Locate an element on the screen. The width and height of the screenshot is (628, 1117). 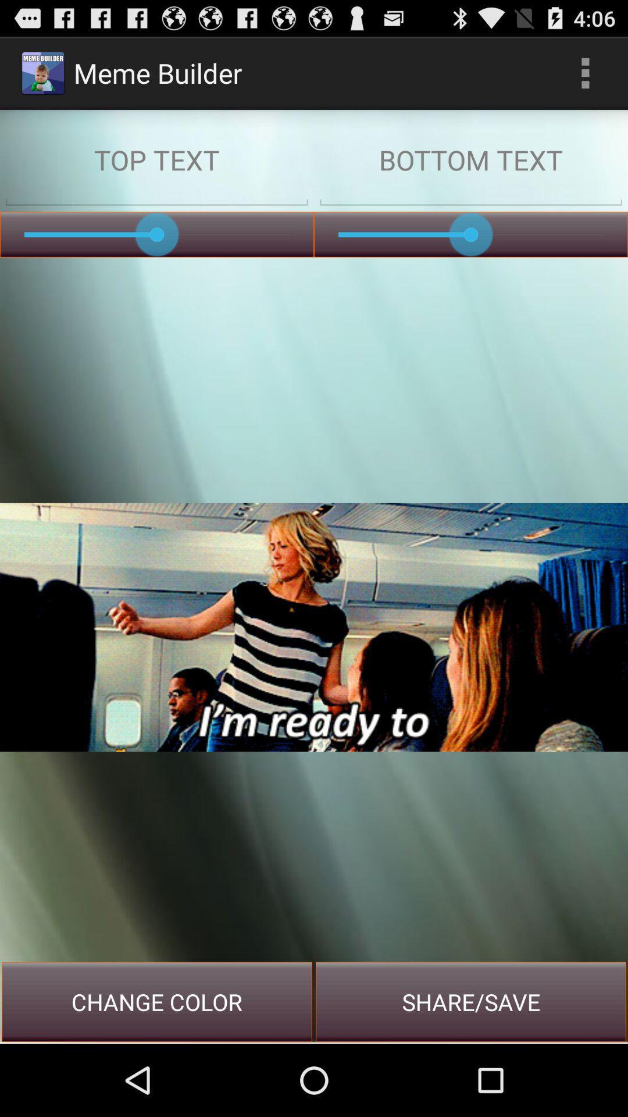
item next to the share/save is located at coordinates (157, 1001).